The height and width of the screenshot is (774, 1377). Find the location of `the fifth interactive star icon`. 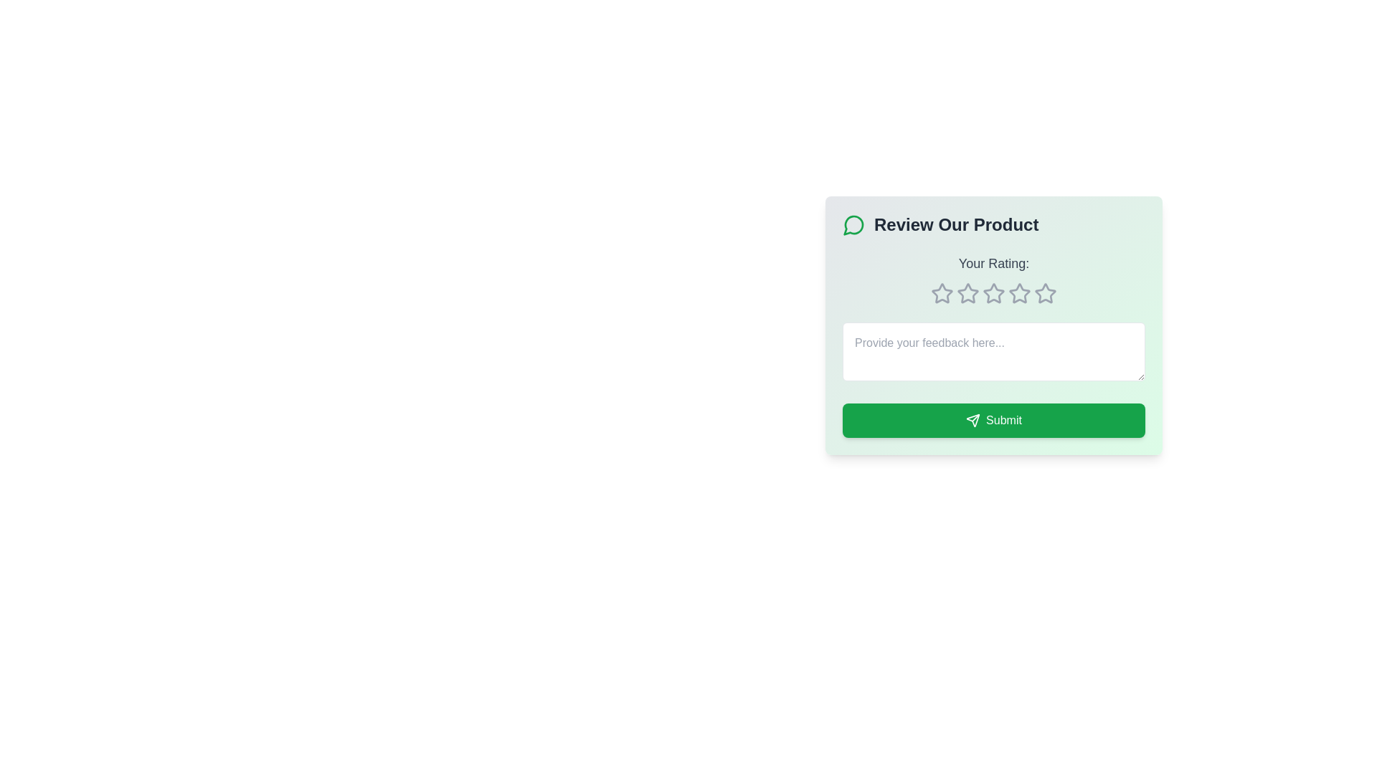

the fifth interactive star icon is located at coordinates (1018, 292).